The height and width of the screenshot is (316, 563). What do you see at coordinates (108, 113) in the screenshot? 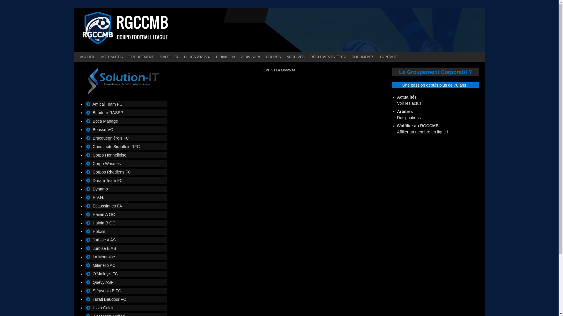
I see `'Baudour RASSP'` at bounding box center [108, 113].